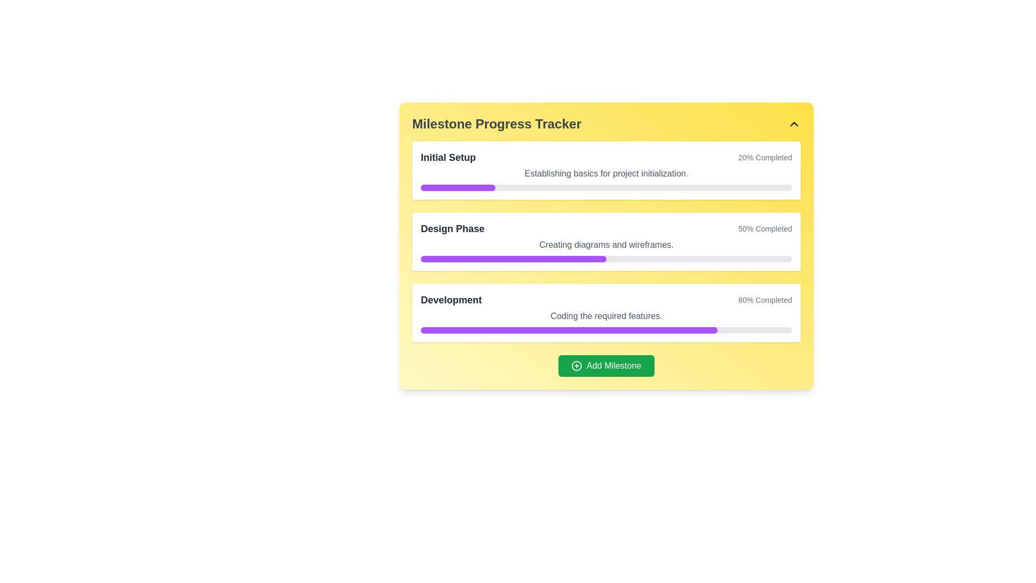 The image size is (1036, 583). I want to click on text 'Design Phase' from the Text Label located at the left side of the second card in the progress tracker, which indicates the current milestone phase, so click(453, 228).